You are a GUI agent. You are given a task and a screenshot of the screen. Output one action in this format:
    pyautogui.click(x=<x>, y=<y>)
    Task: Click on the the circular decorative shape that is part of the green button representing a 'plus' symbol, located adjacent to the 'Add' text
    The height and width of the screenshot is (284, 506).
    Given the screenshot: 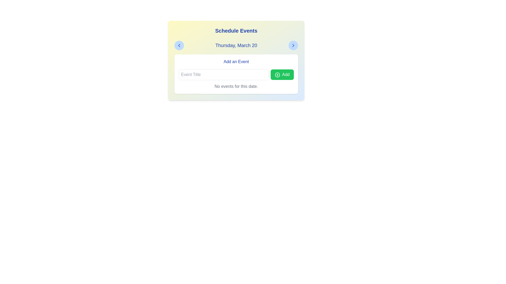 What is the action you would take?
    pyautogui.click(x=277, y=75)
    